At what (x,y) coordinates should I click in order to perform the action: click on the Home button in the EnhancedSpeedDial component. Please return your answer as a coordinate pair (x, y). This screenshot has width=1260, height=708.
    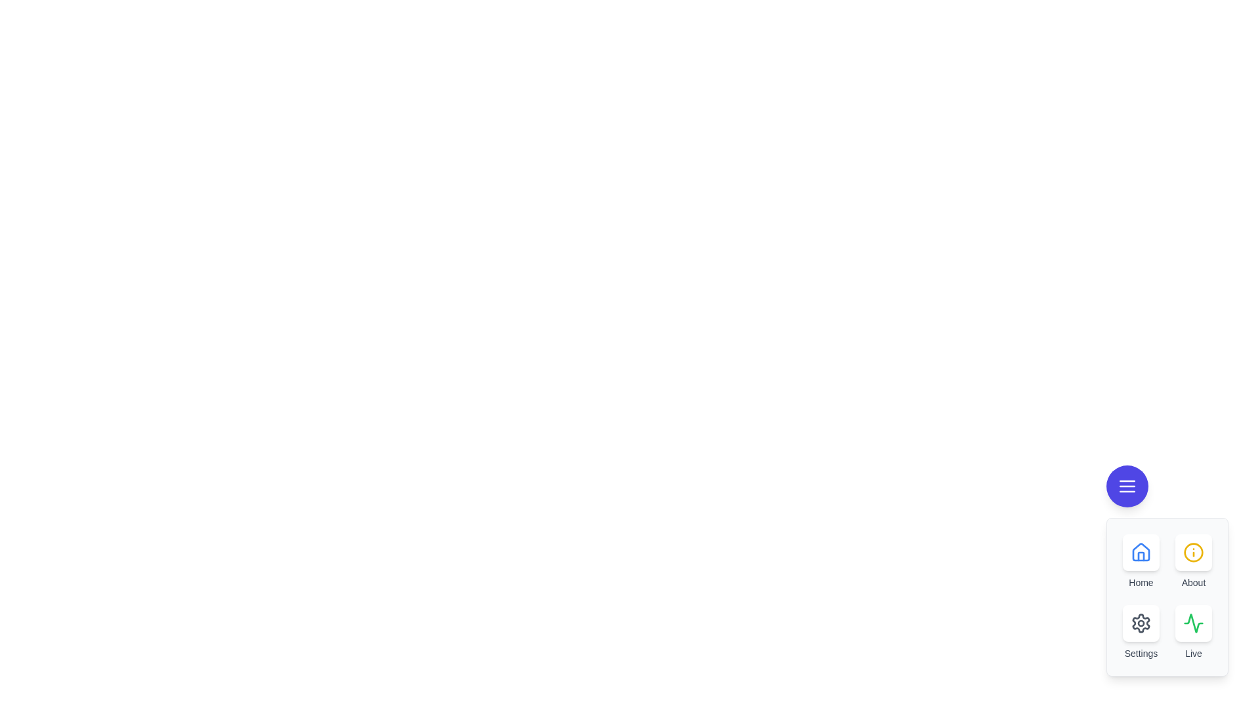
    Looking at the image, I should click on (1140, 553).